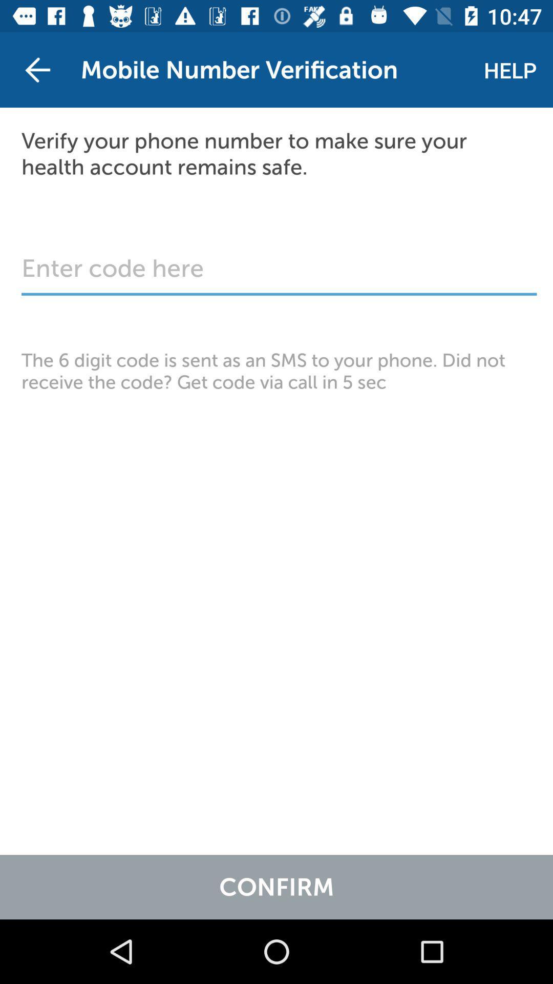  Describe the element at coordinates (37, 69) in the screenshot. I see `the item to the left of the mobile number verification app` at that location.